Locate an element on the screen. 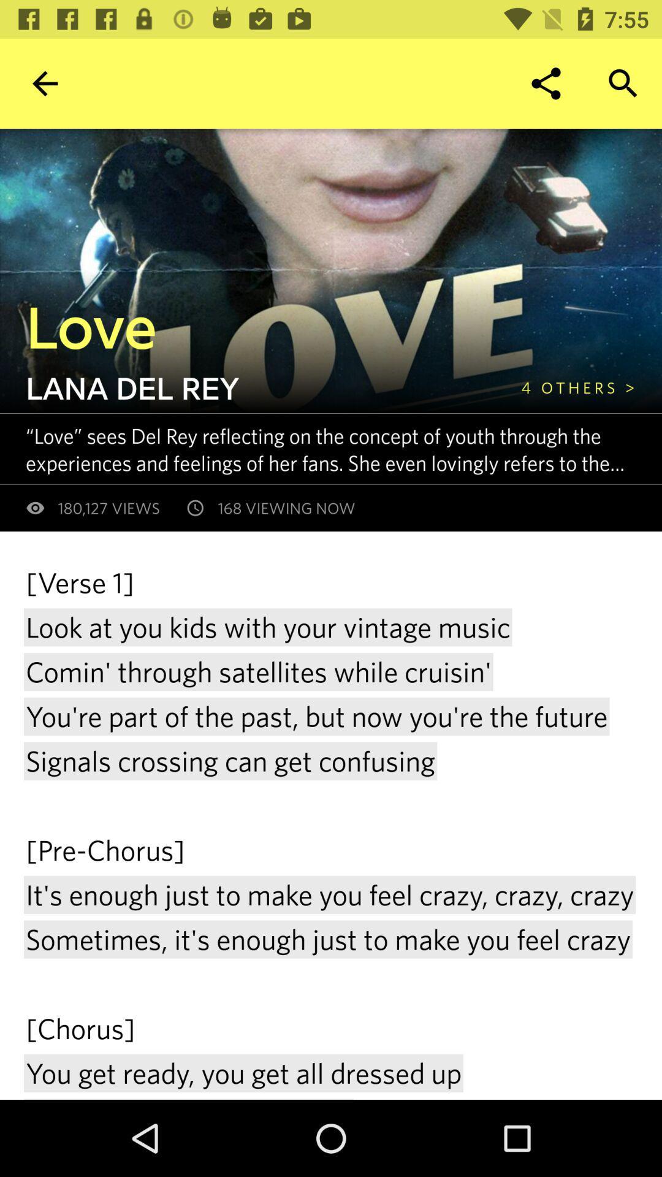  4 others > item is located at coordinates (578, 387).